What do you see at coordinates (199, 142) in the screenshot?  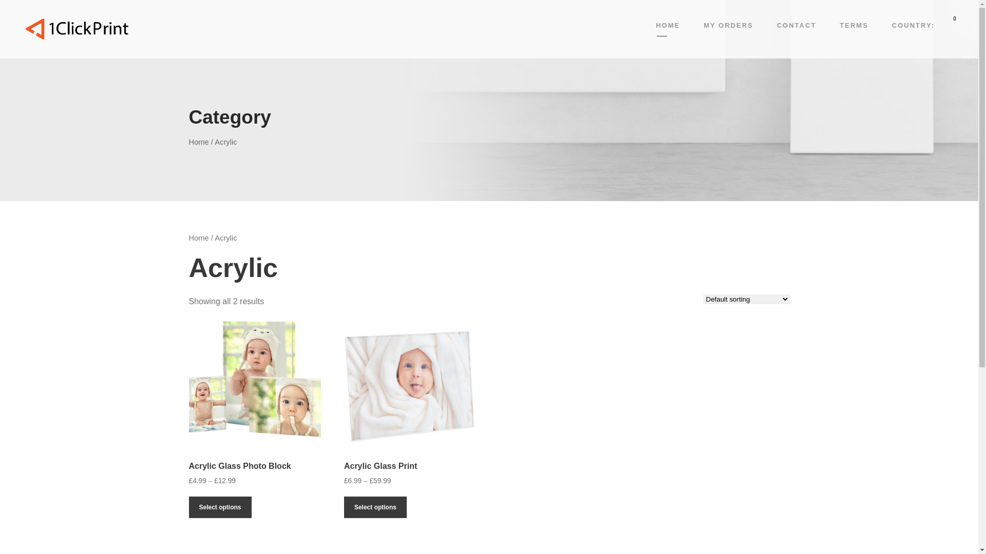 I see `'Home'` at bounding box center [199, 142].